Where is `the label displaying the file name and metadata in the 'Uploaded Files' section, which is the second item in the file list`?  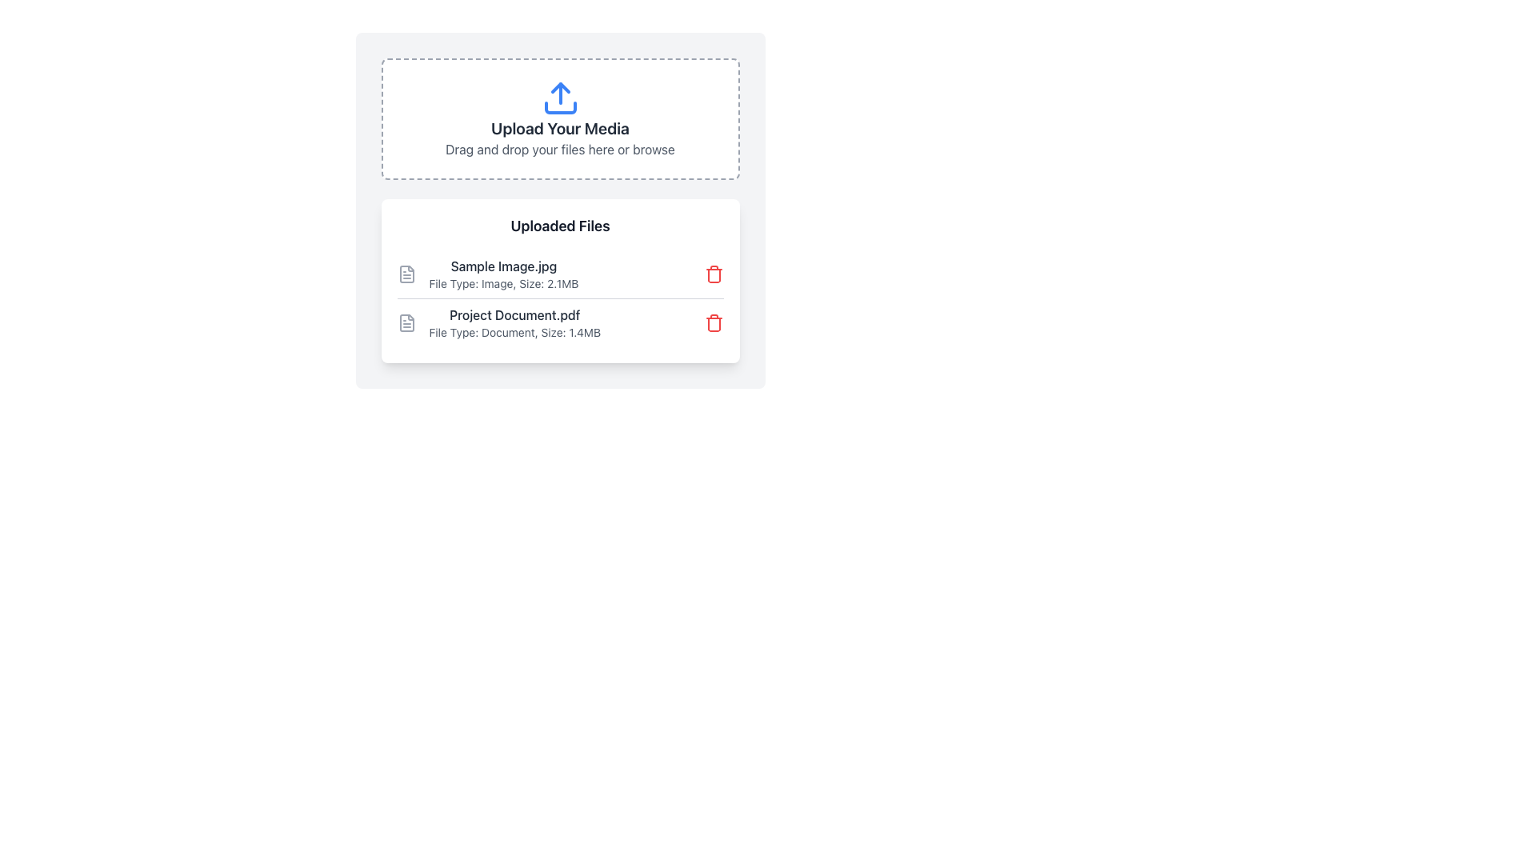 the label displaying the file name and metadata in the 'Uploaded Files' section, which is the second item in the file list is located at coordinates (514, 323).